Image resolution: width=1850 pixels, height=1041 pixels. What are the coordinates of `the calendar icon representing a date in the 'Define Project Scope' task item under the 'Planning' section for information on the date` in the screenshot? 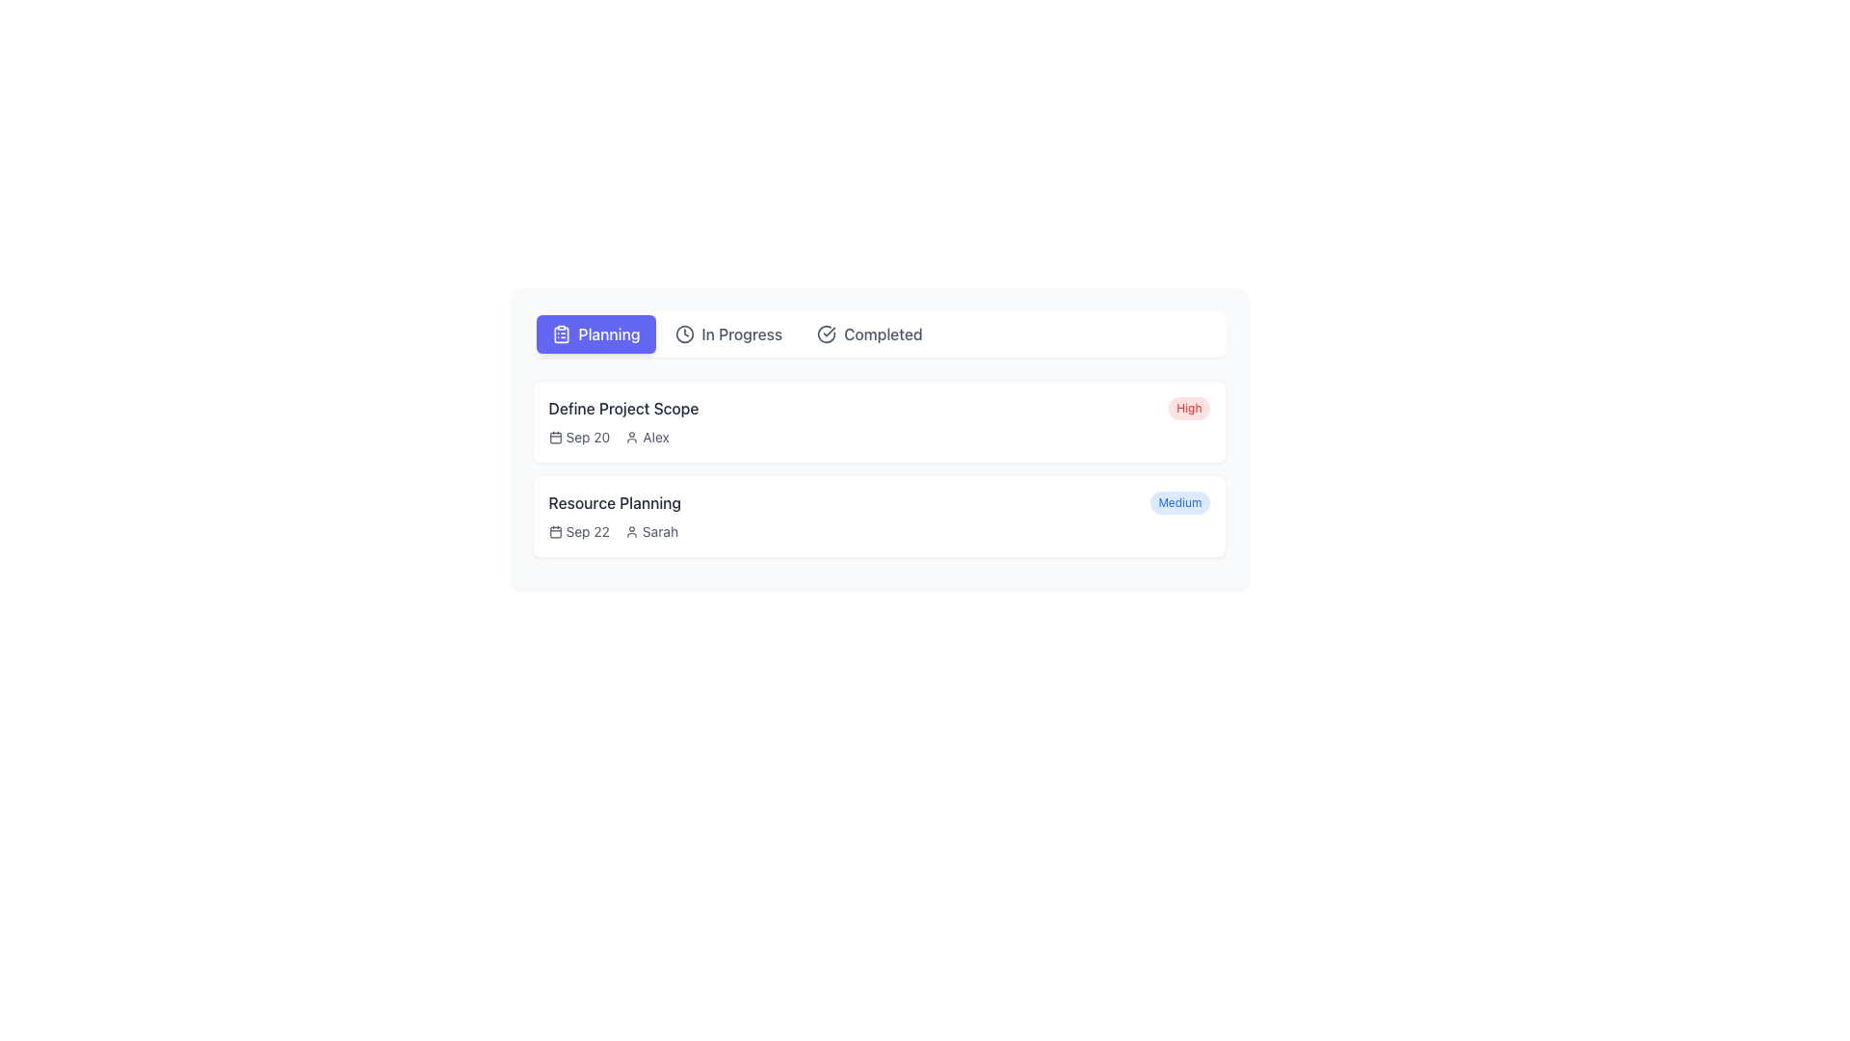 It's located at (554, 438).